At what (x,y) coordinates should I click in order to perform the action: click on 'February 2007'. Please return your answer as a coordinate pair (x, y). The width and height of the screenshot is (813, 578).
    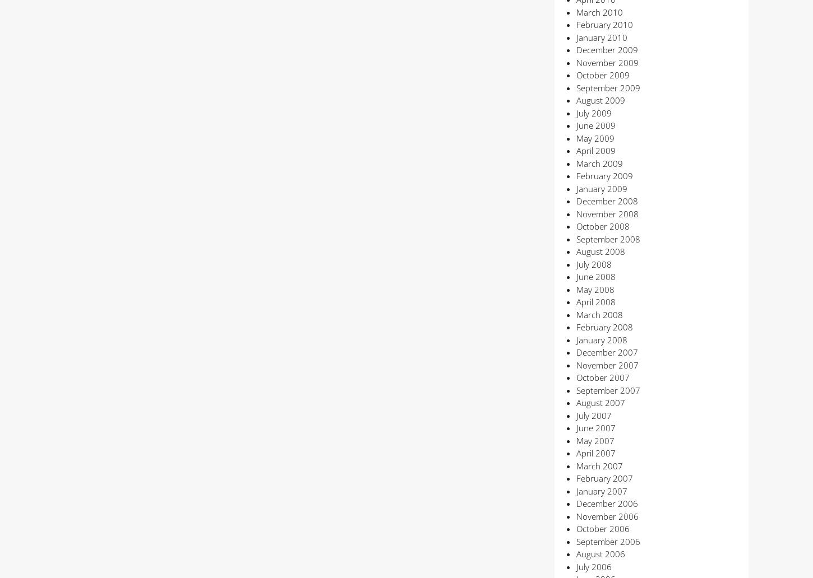
    Looking at the image, I should click on (604, 478).